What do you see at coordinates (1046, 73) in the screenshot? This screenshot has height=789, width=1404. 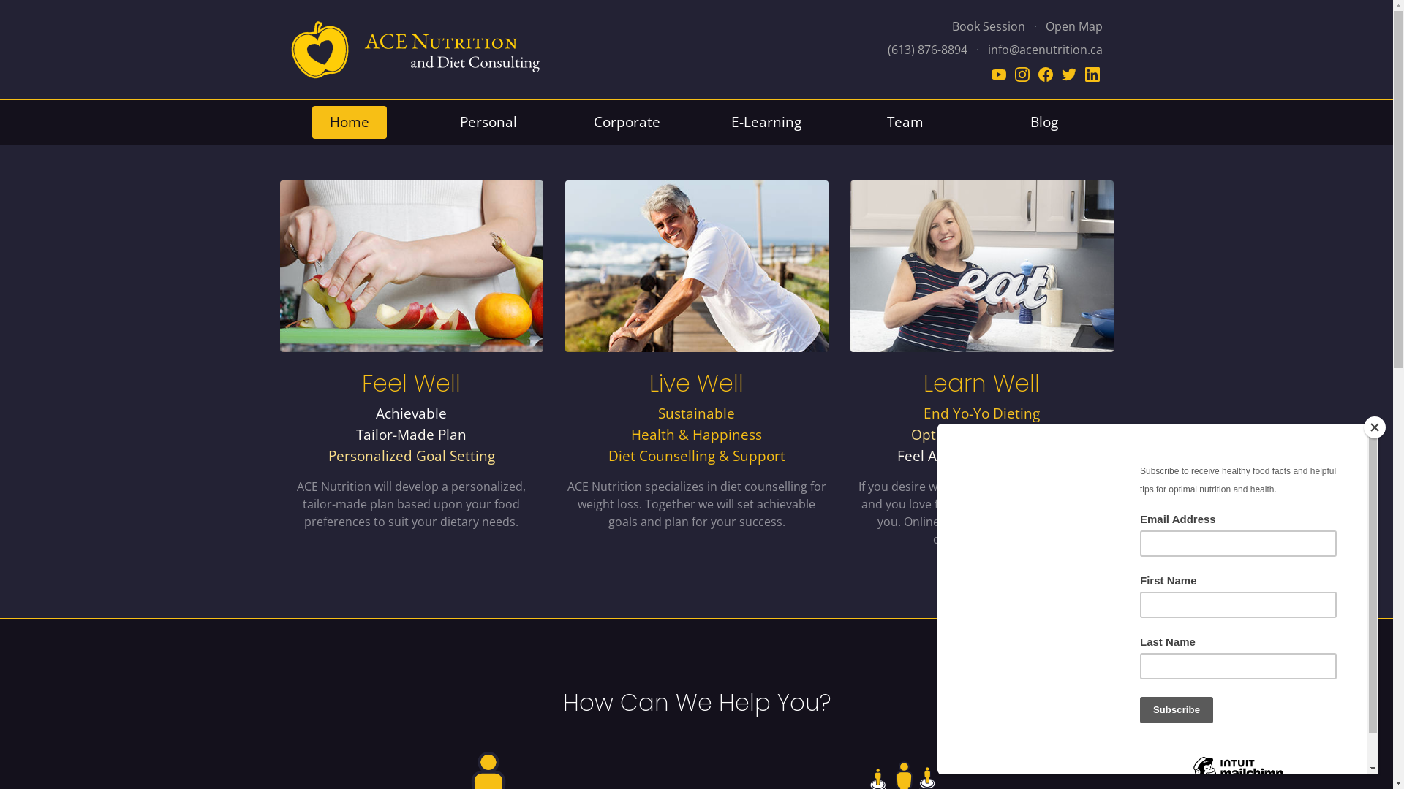 I see `'Facebook'` at bounding box center [1046, 73].